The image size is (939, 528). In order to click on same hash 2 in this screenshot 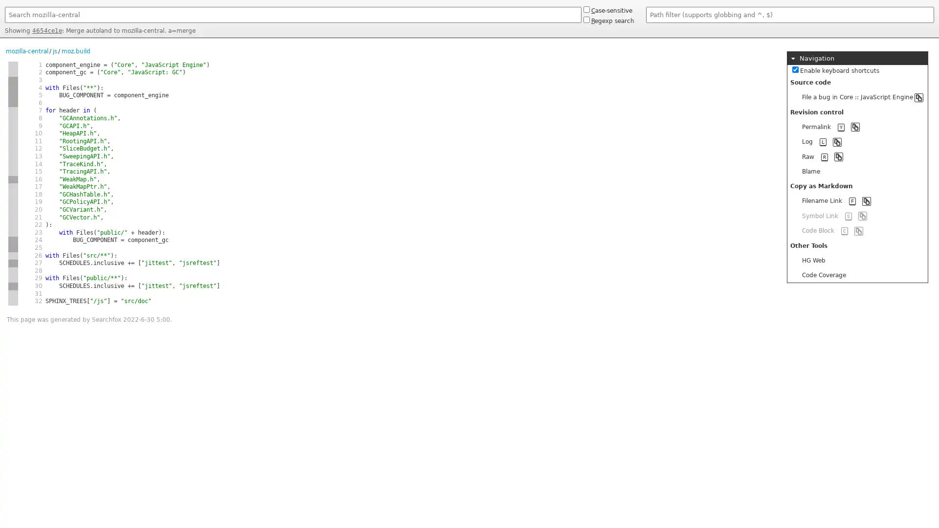, I will do `click(13, 88)`.